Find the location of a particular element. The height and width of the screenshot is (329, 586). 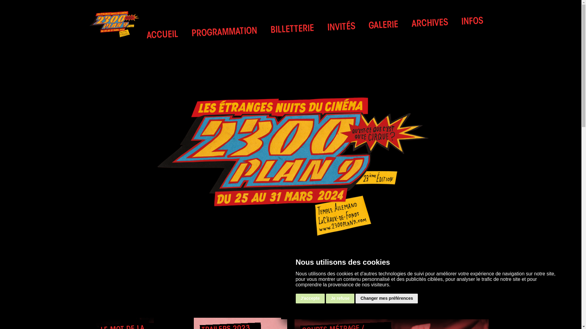

'PROGRAMMATION' is located at coordinates (224, 31).